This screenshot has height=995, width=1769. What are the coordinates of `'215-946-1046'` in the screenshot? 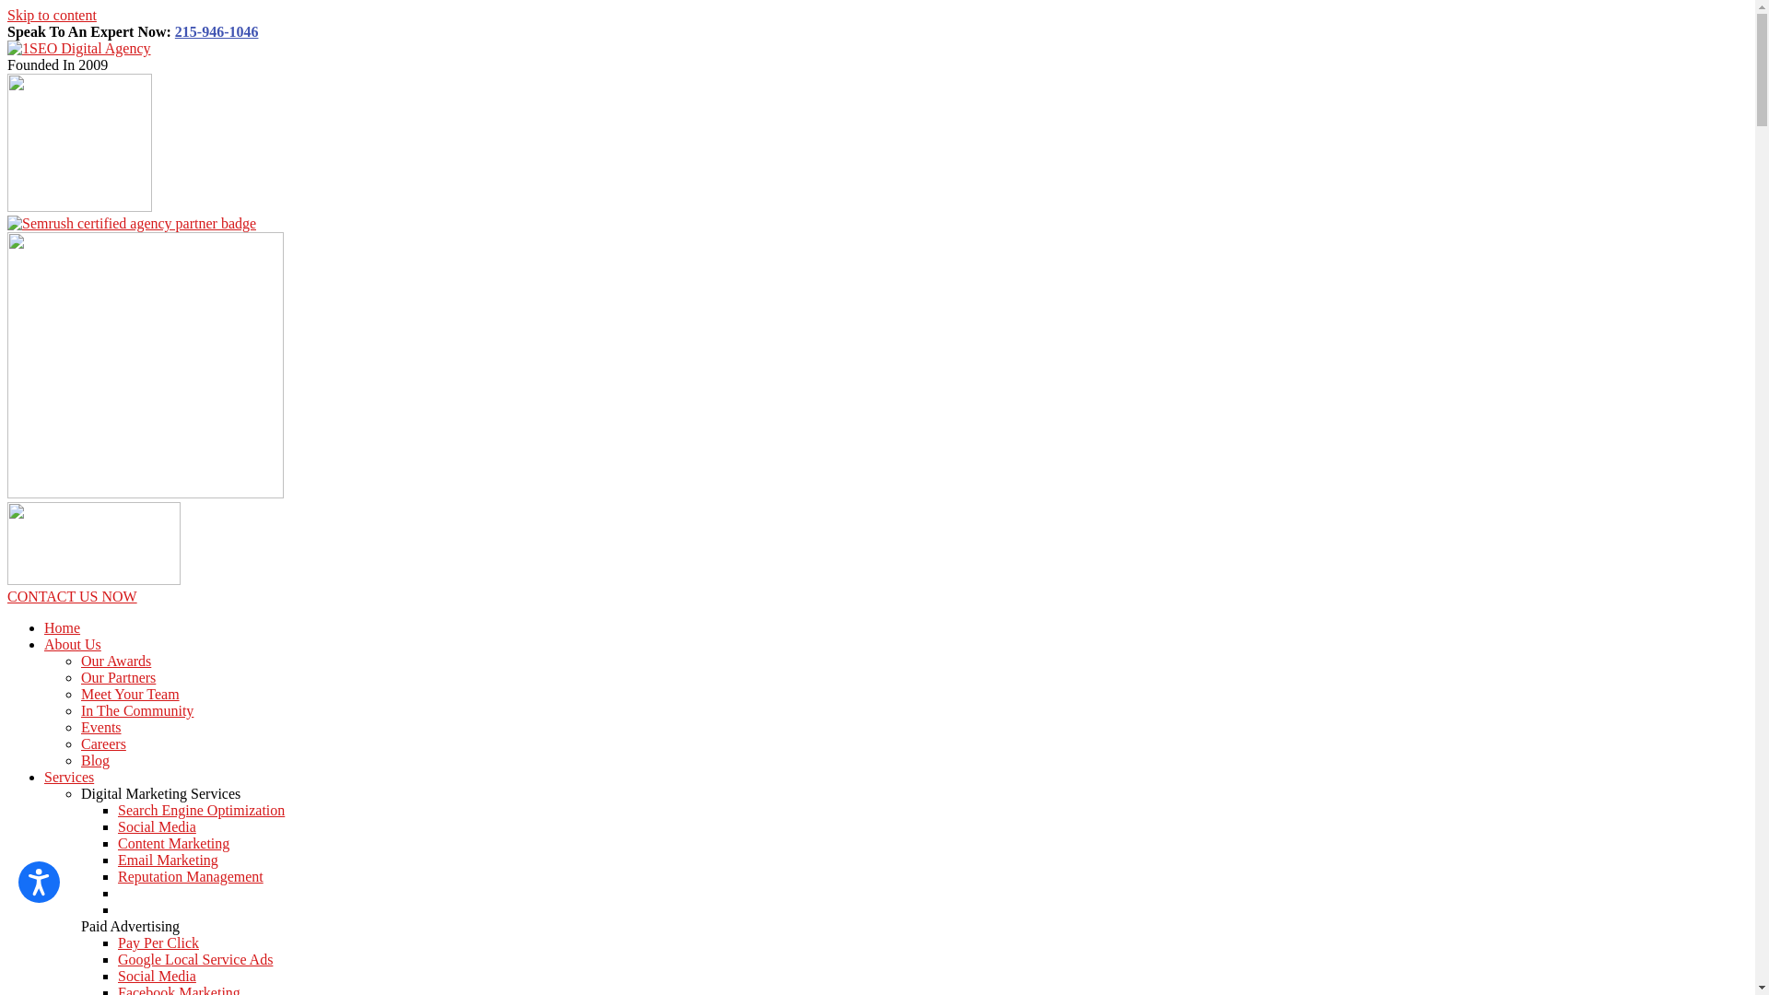 It's located at (217, 31).